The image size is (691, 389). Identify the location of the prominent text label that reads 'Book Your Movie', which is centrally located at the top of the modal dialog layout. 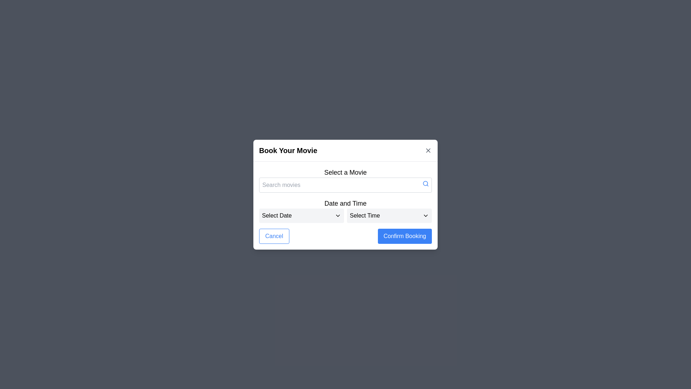
(288, 150).